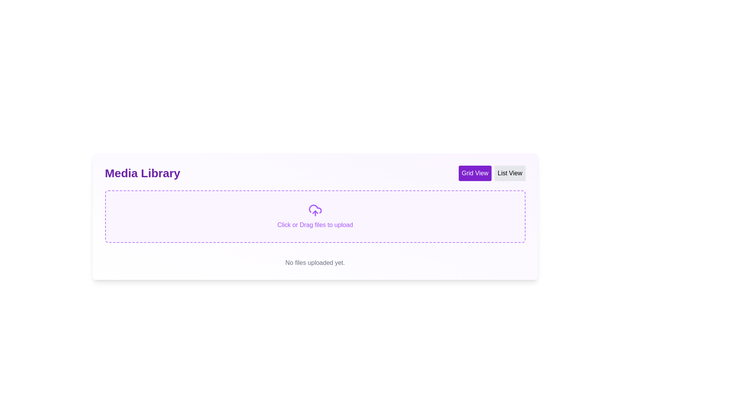 The width and height of the screenshot is (742, 417). What do you see at coordinates (315, 225) in the screenshot?
I see `the static text label that reads 'Click or Drag files to upload'` at bounding box center [315, 225].